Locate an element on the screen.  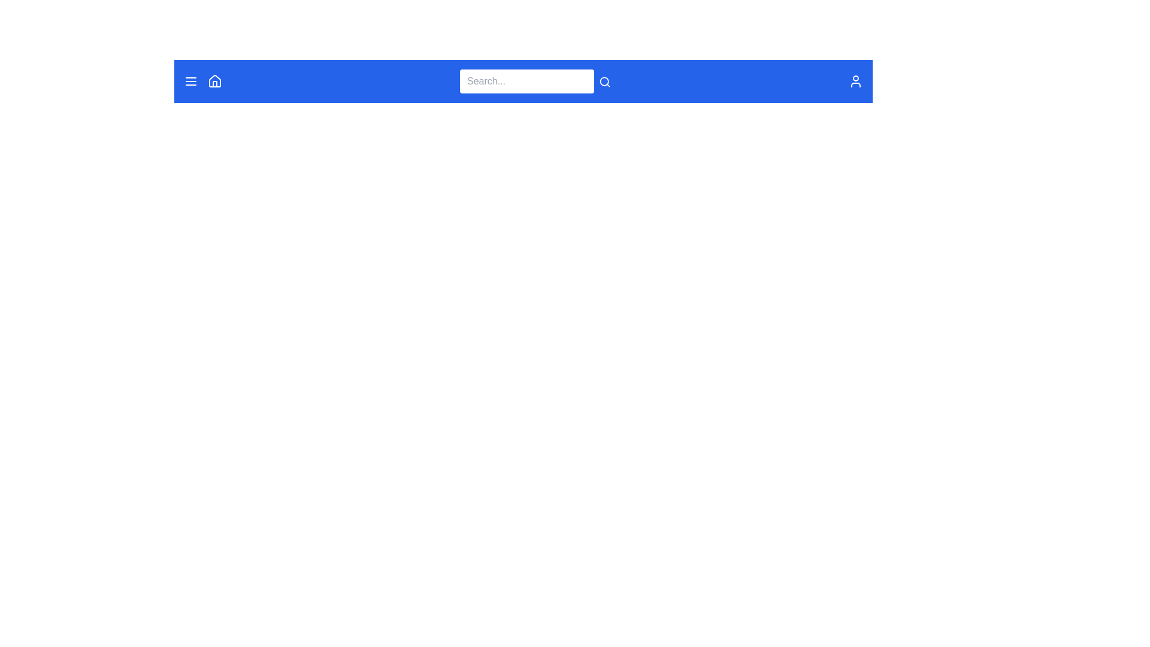
the user functionalities icon located at the top-right corner of the navigation bar is located at coordinates (855, 81).